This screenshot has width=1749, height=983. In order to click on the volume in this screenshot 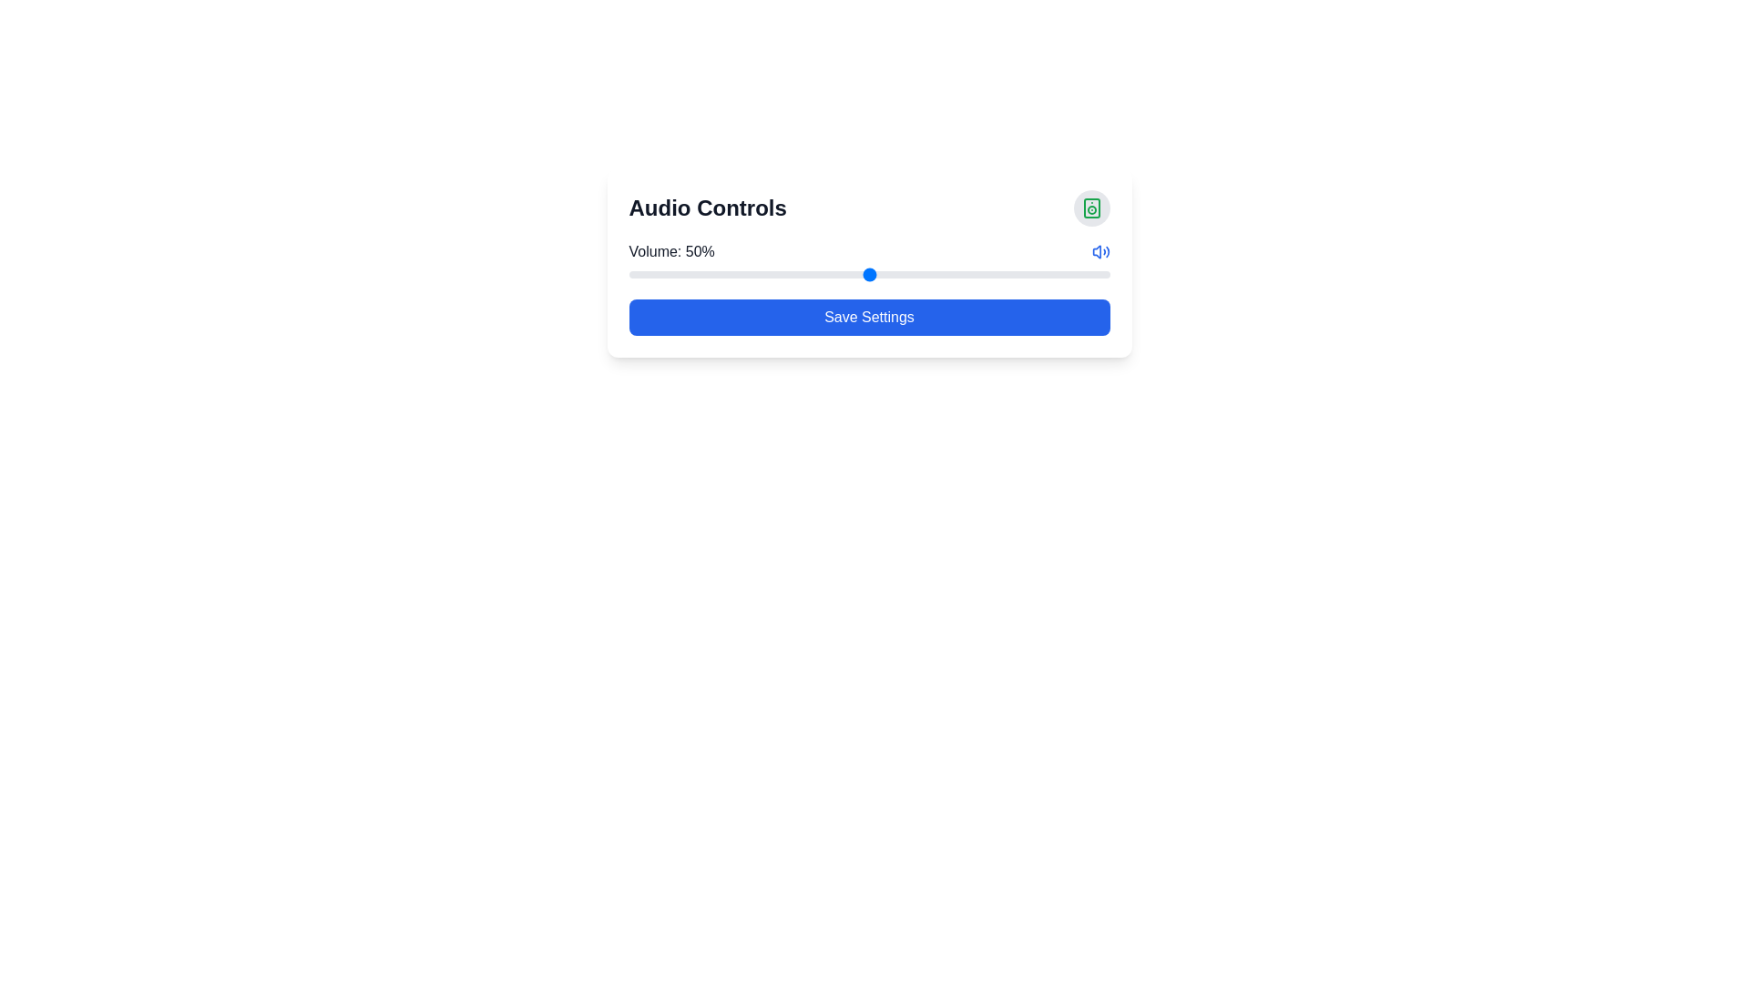, I will do `click(1061, 274)`.